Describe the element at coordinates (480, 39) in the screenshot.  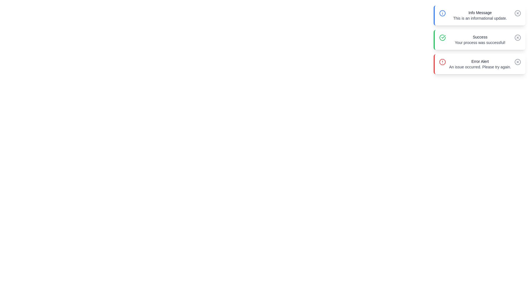
I see `the notification component displaying 'Success' with a green left border, located in the top right of the interface` at that location.